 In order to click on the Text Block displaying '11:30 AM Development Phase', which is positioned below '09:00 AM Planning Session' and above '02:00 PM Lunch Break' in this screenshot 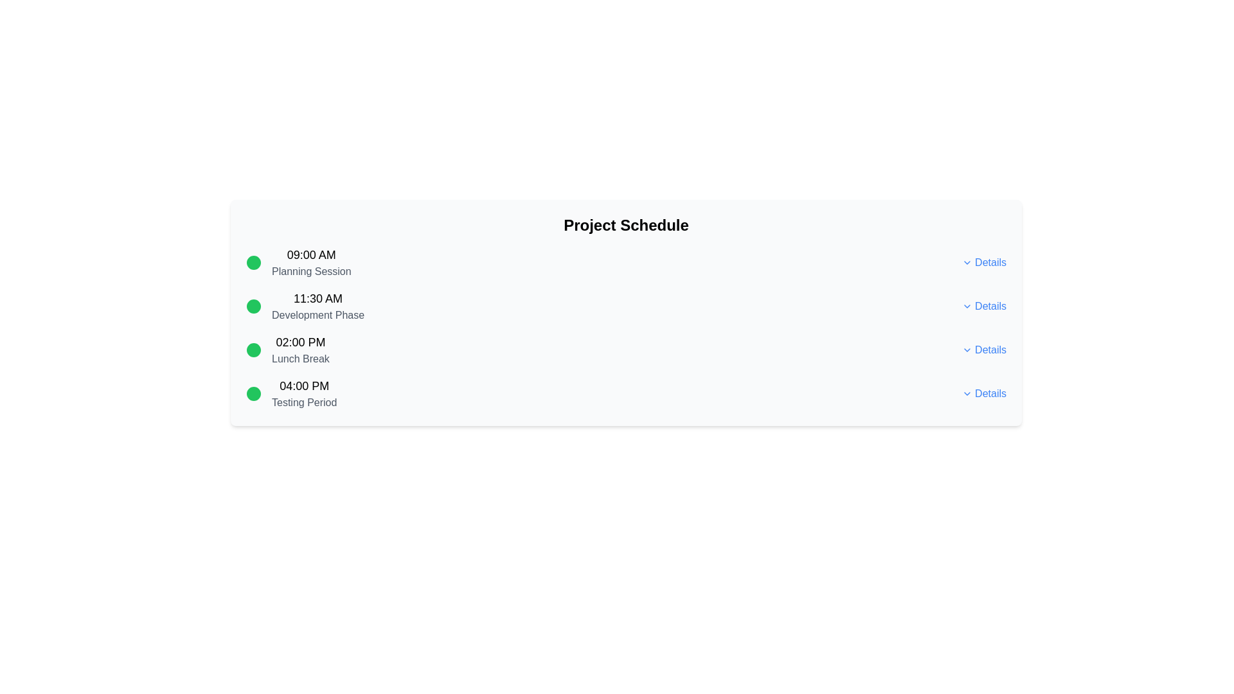, I will do `click(317, 307)`.